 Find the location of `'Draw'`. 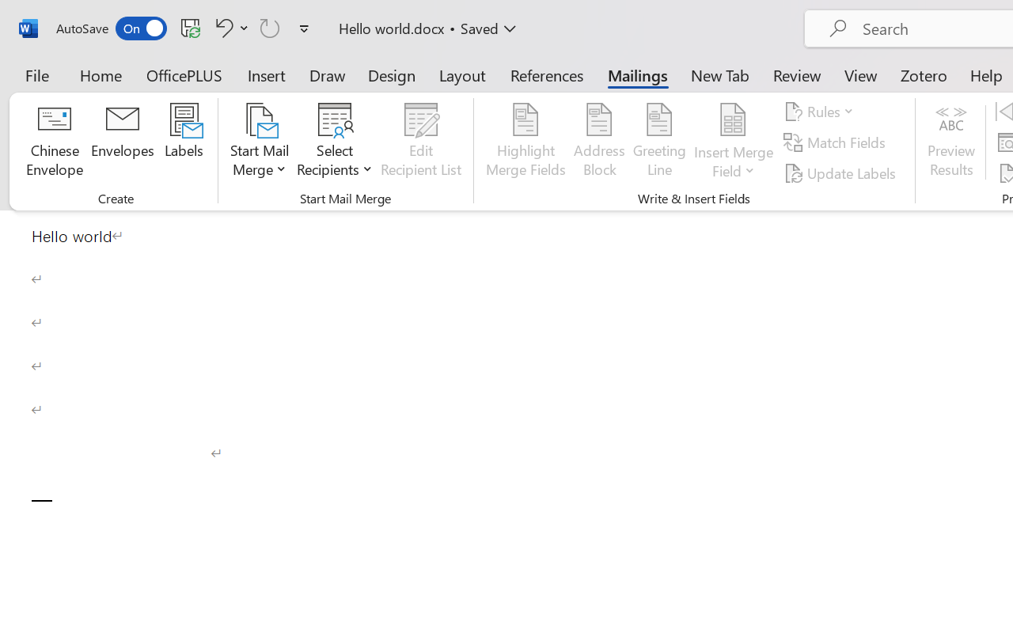

'Draw' is located at coordinates (327, 74).